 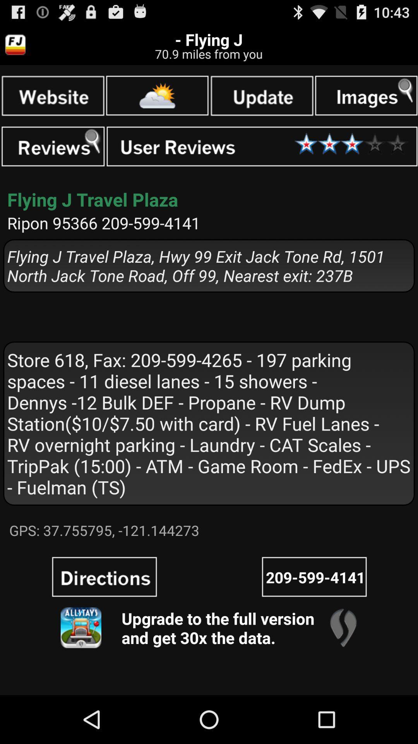 I want to click on user reviews, so click(x=262, y=146).